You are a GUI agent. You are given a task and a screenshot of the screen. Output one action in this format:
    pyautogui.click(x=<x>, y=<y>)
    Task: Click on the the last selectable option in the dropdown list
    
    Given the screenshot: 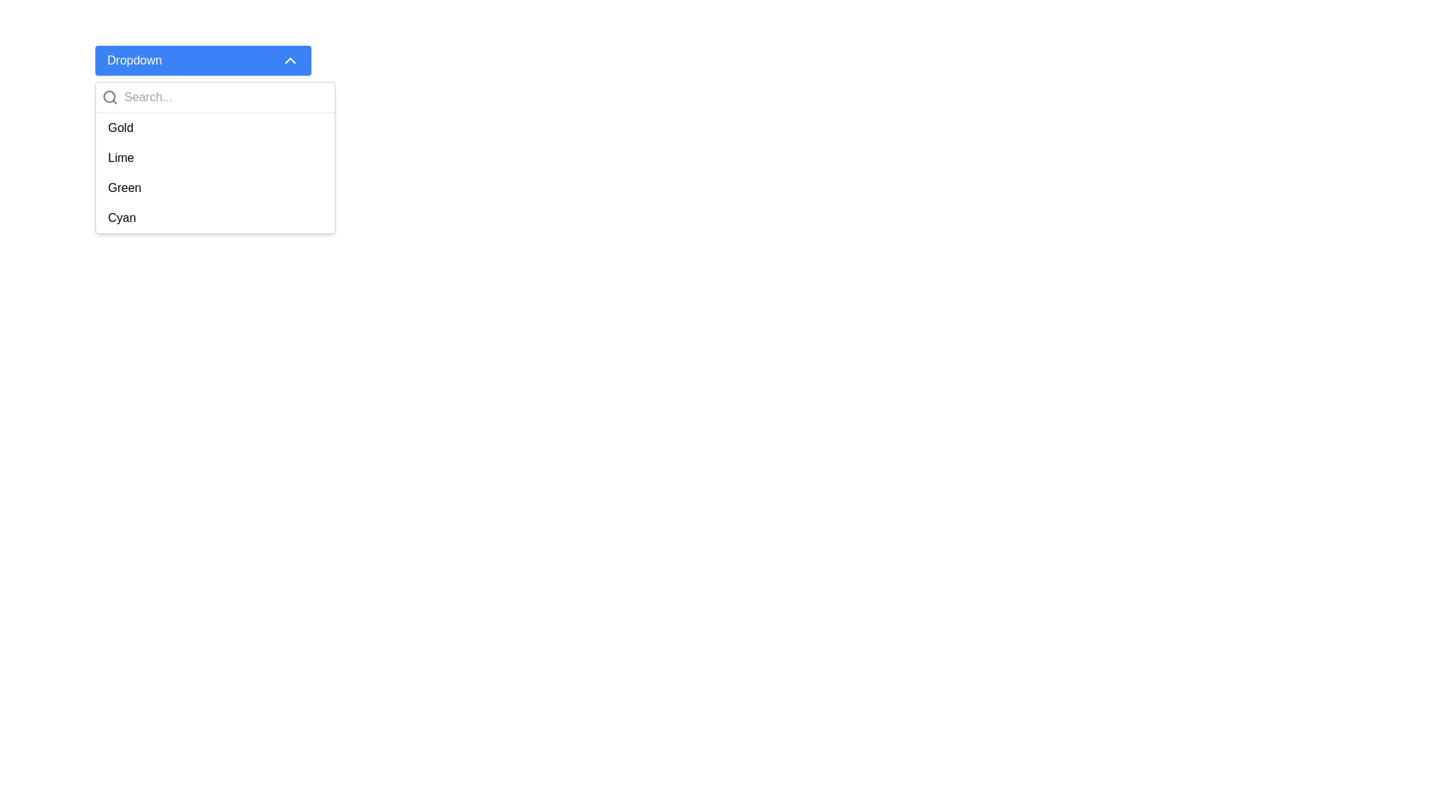 What is the action you would take?
    pyautogui.click(x=215, y=217)
    